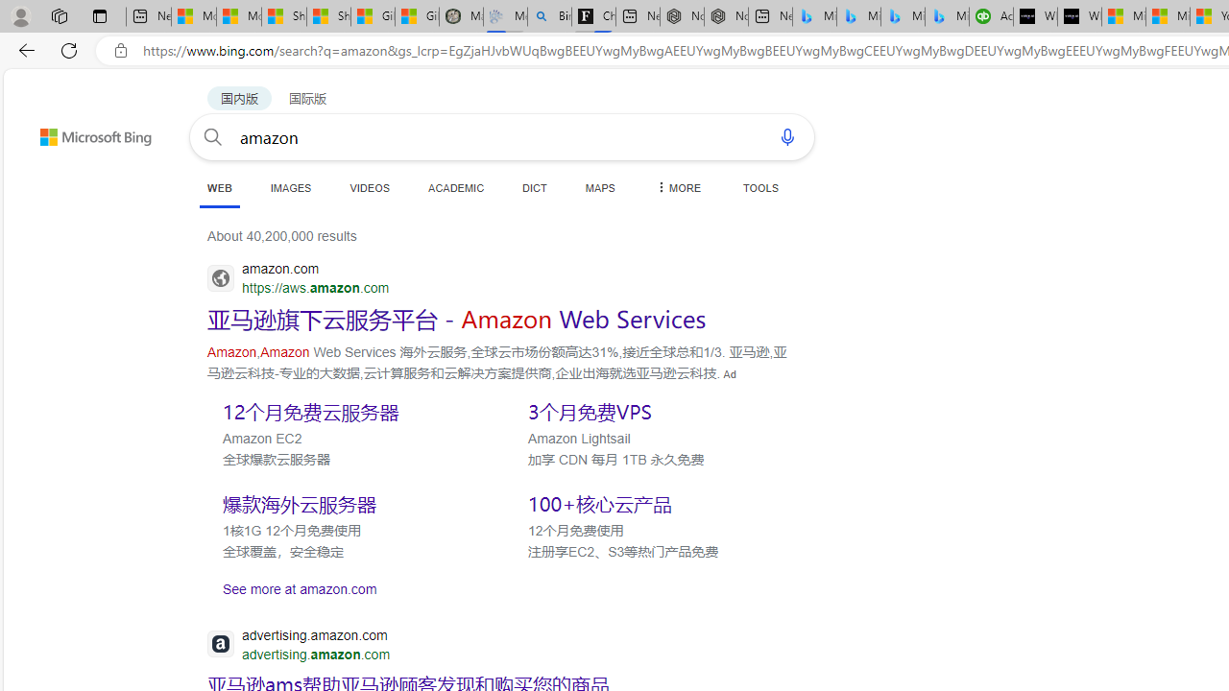 Image resolution: width=1229 pixels, height=691 pixels. Describe the element at coordinates (991, 16) in the screenshot. I see `'Accounting Software for Accountants, CPAs and Bookkeepers'` at that location.